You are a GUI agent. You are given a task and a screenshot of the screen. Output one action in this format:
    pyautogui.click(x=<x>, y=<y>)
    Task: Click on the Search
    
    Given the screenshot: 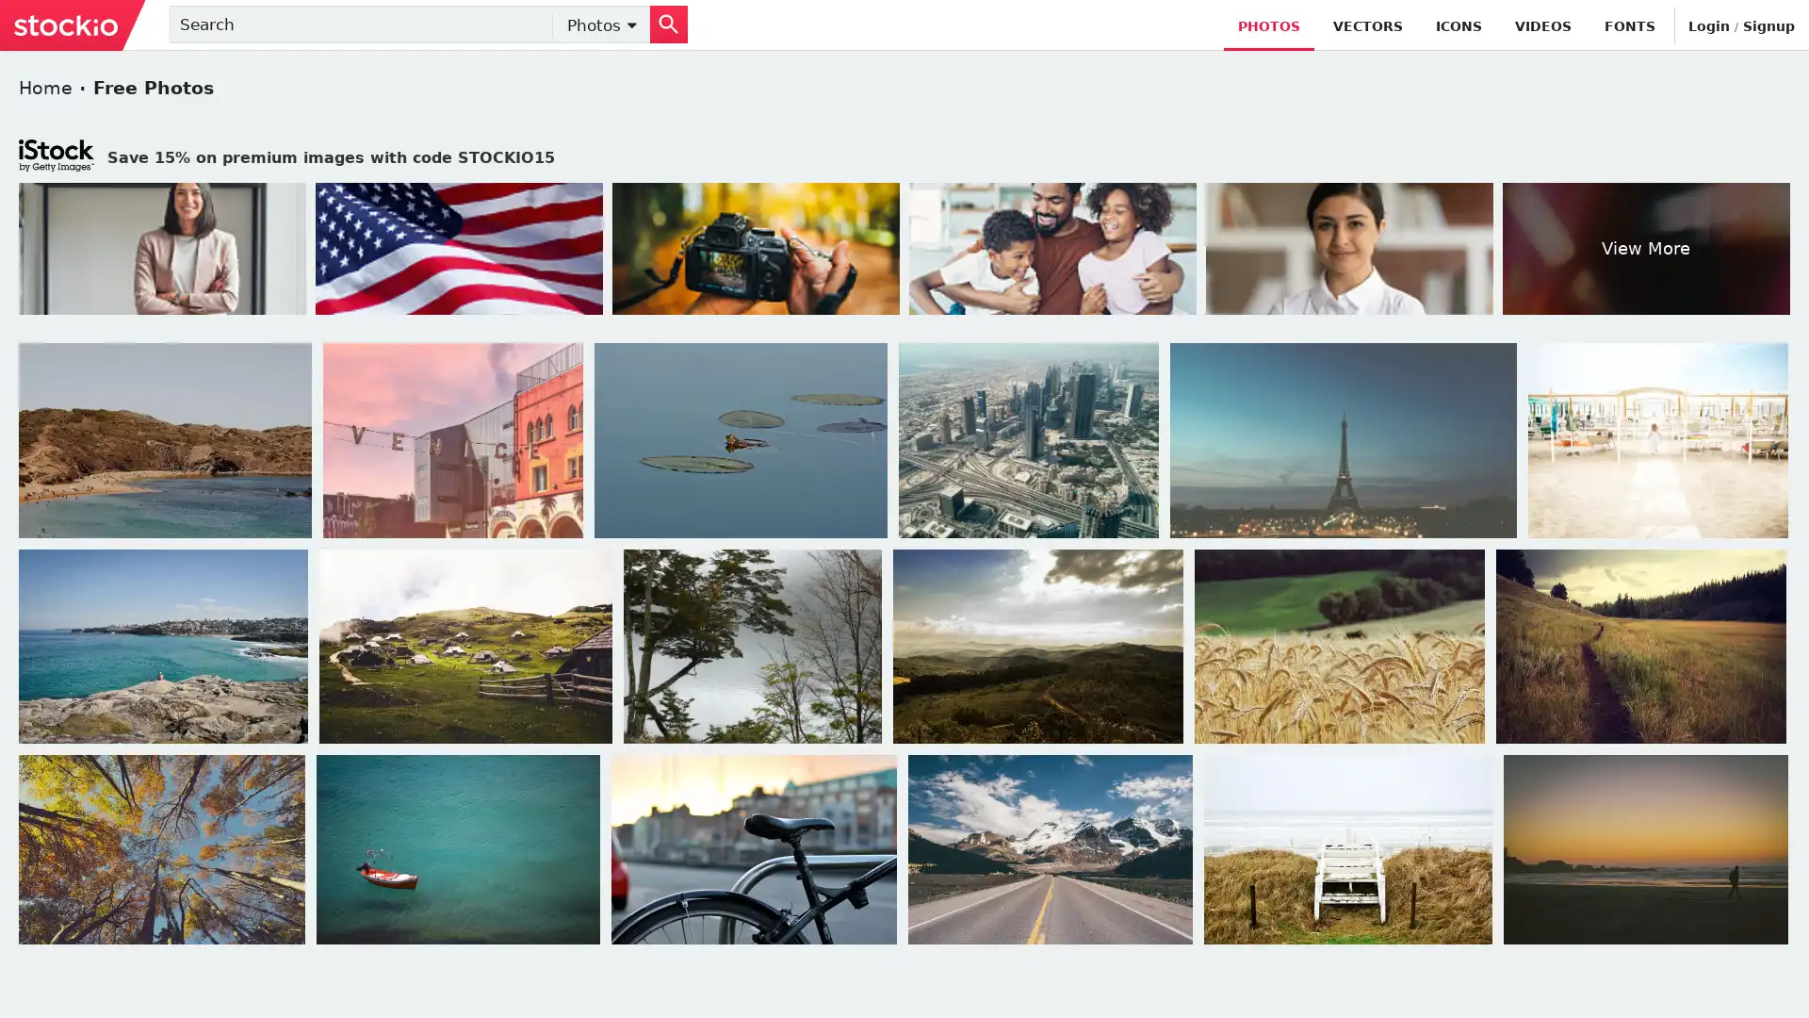 What is the action you would take?
    pyautogui.click(x=669, y=25)
    